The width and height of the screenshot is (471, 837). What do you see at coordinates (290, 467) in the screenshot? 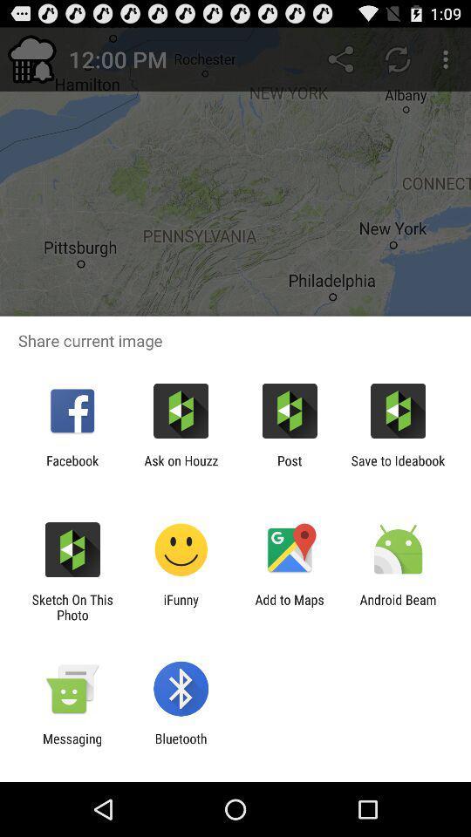
I see `the icon to the right of the ask on houzz icon` at bounding box center [290, 467].